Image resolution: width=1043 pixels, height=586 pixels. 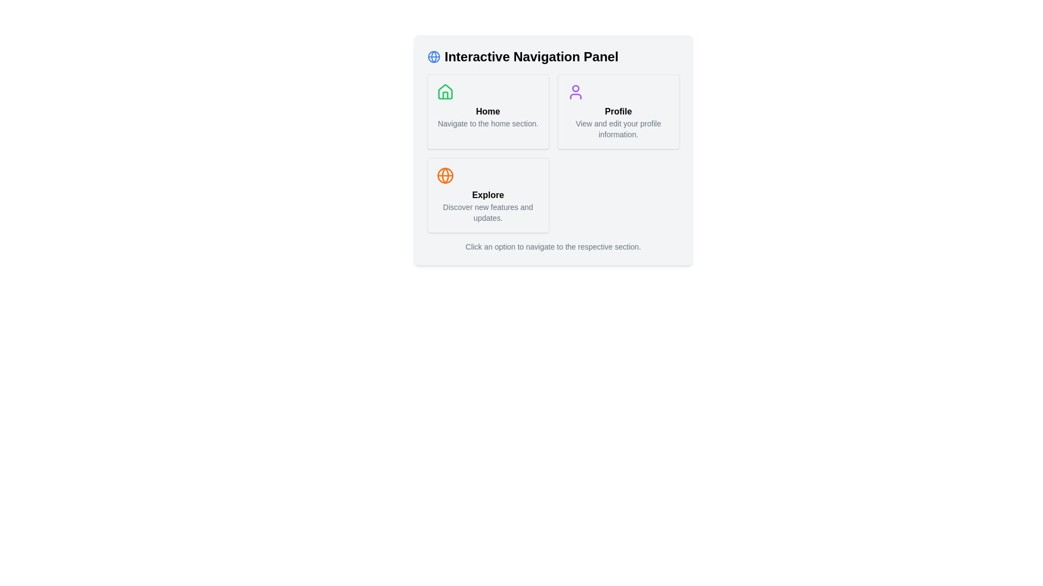 I want to click on the 'Home' text label which indicates the purpose of navigating to the home section, located in the upper-left section of the interface within a card, so click(x=487, y=111).